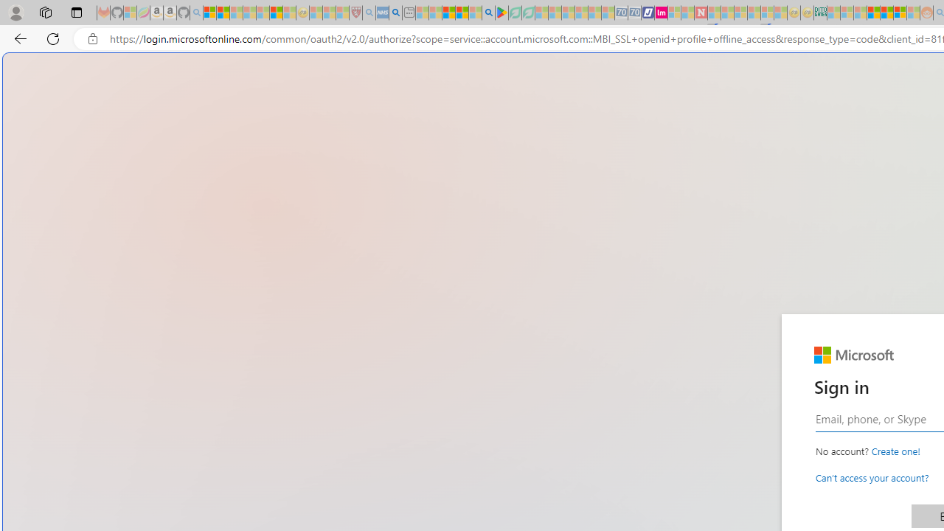  Describe the element at coordinates (502, 13) in the screenshot. I see `'Bluey: Let'` at that location.